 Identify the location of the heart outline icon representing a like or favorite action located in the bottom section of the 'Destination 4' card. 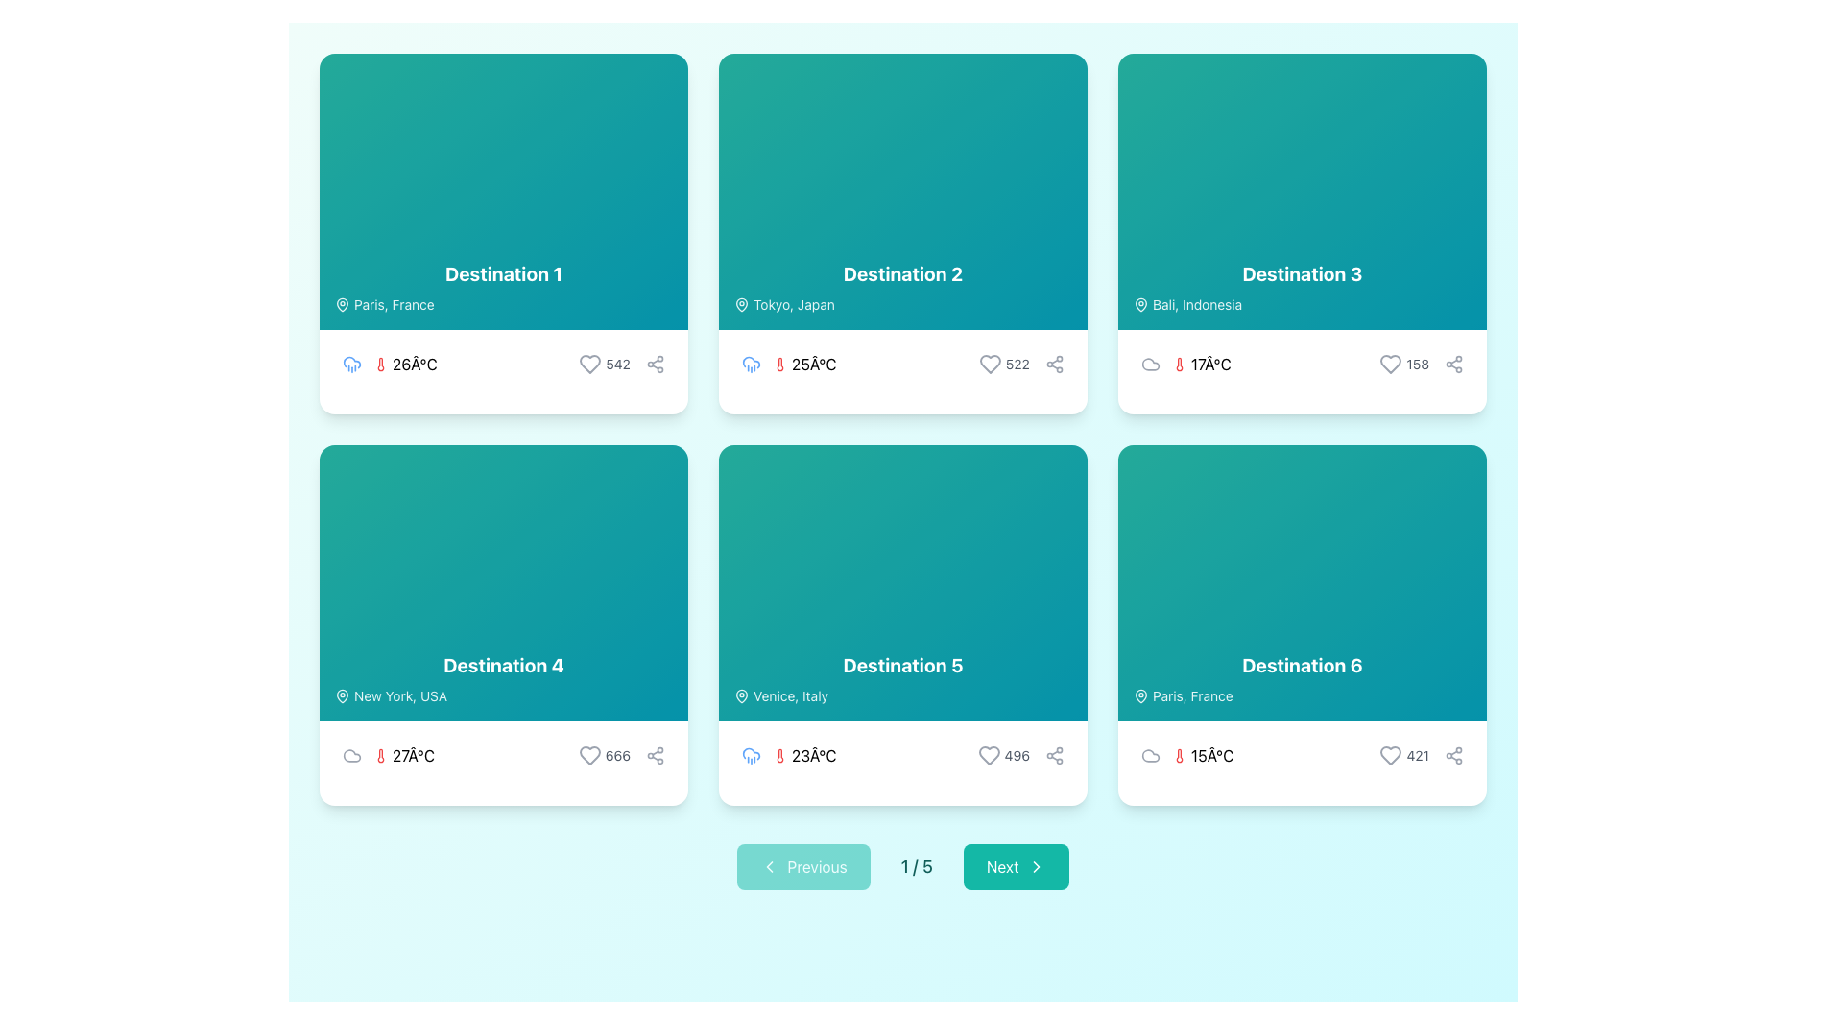
(588, 754).